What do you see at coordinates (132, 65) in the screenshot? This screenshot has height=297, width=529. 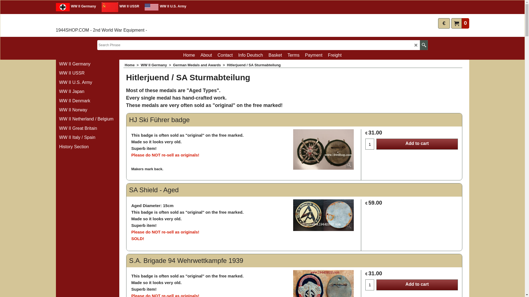 I see `'Home  > '` at bounding box center [132, 65].